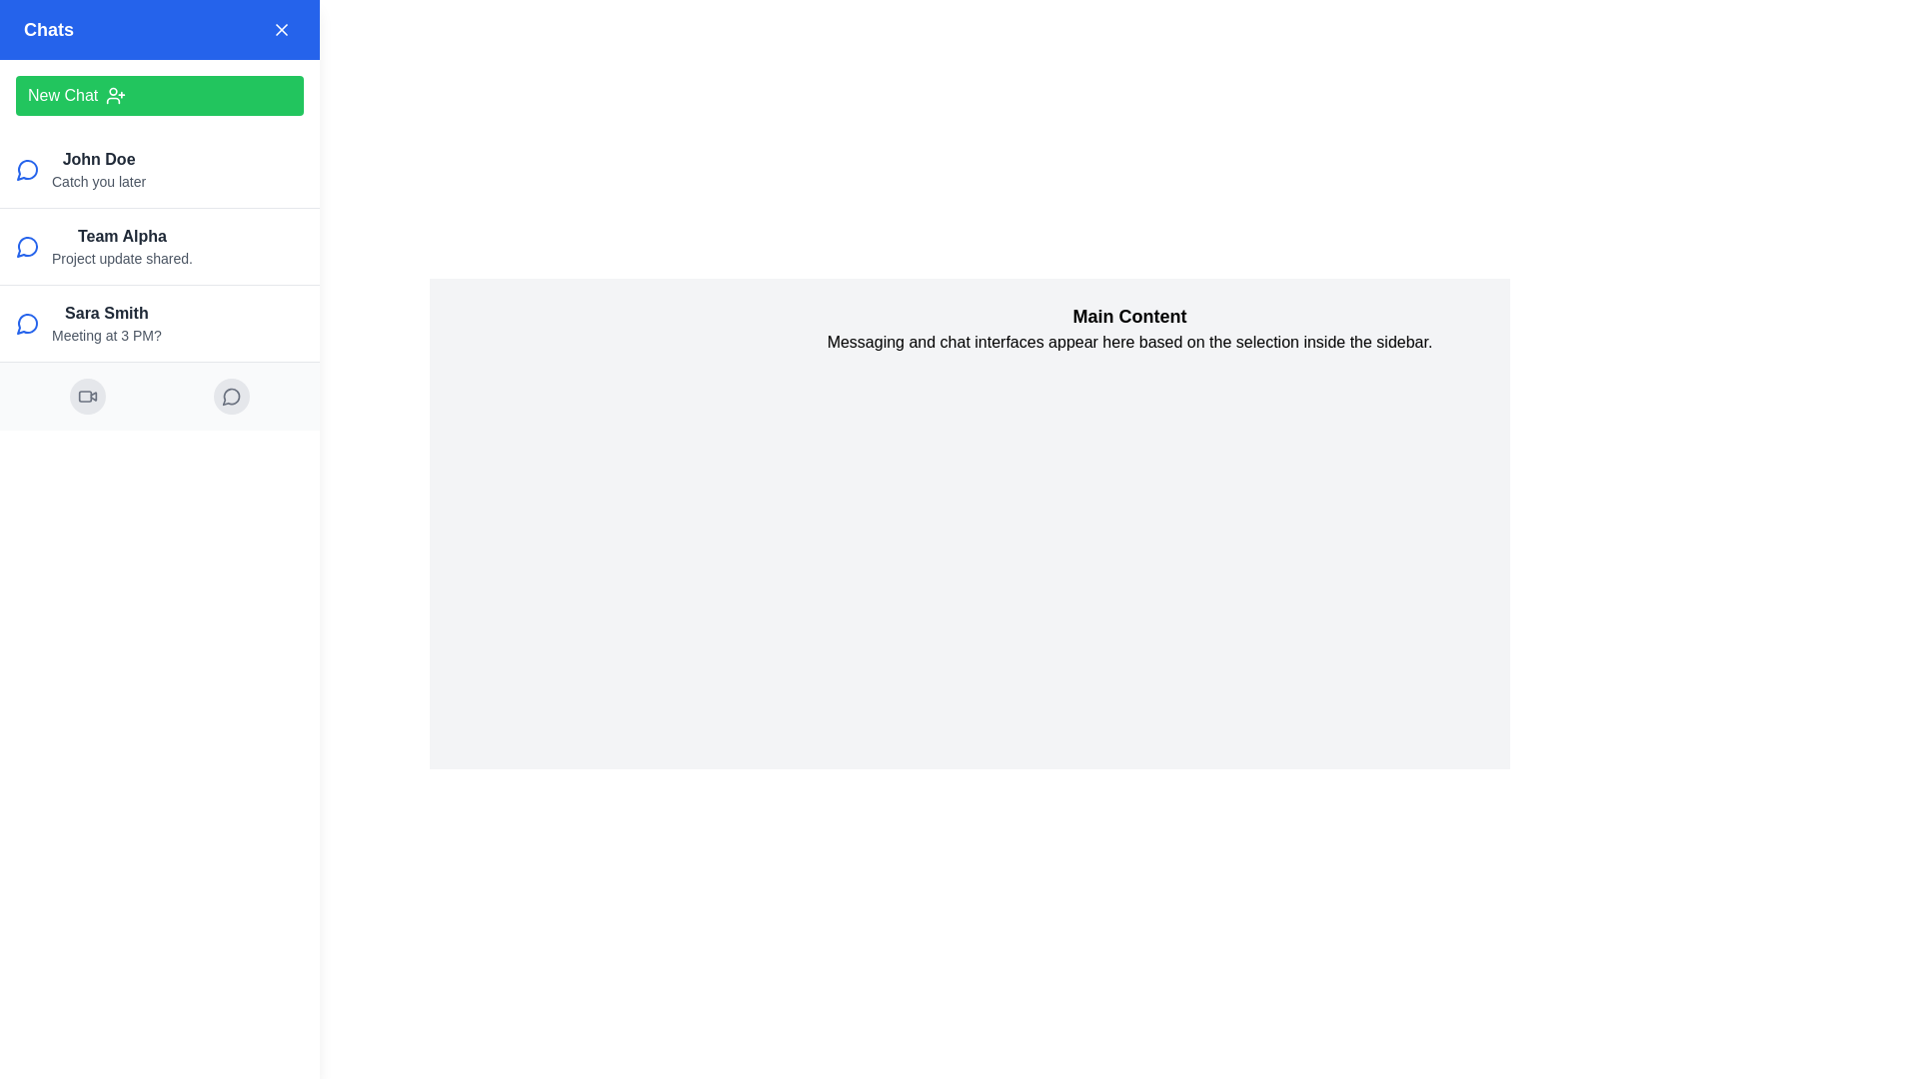 This screenshot has height=1079, width=1919. Describe the element at coordinates (281, 30) in the screenshot. I see `the minimalistic cross icon located at the top-right corner of the sidebar header within the blue 'Chats' header bar` at that location.